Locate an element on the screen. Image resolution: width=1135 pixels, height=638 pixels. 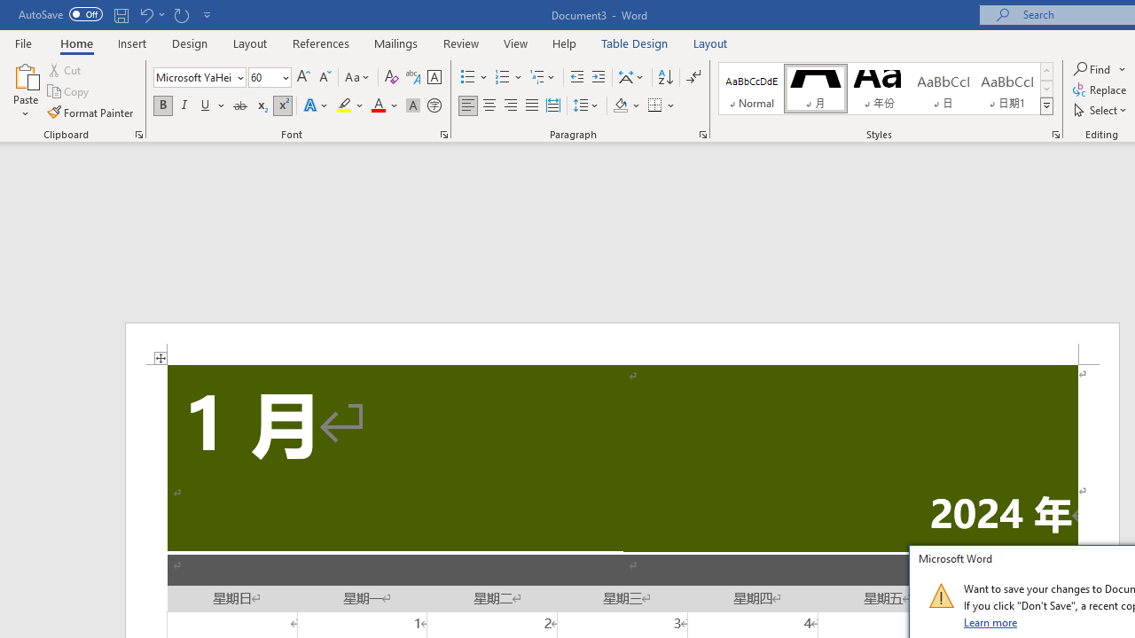
'Distributed' is located at coordinates (552, 105).